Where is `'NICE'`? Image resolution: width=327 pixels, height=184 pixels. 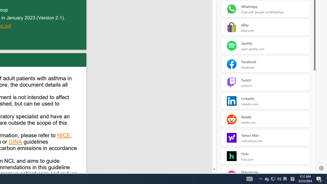 'NICE' is located at coordinates (64, 136).